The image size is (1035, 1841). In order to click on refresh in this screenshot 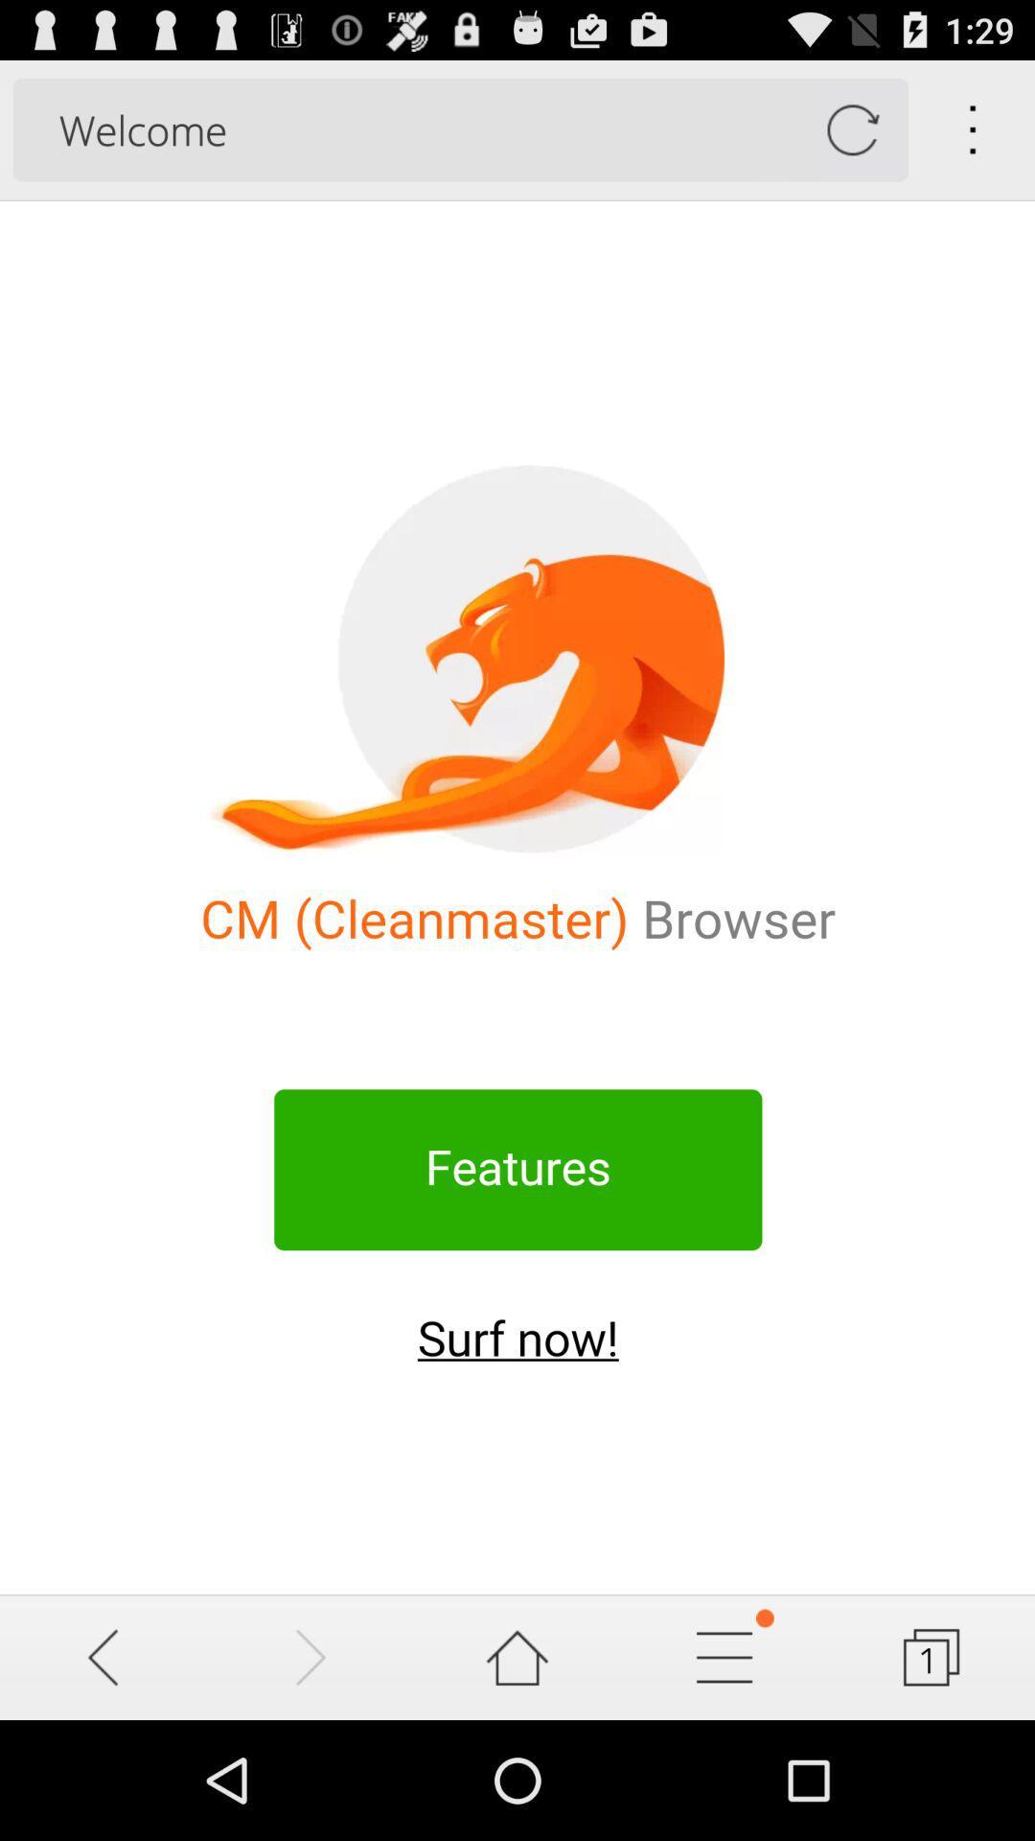, I will do `click(851, 128)`.